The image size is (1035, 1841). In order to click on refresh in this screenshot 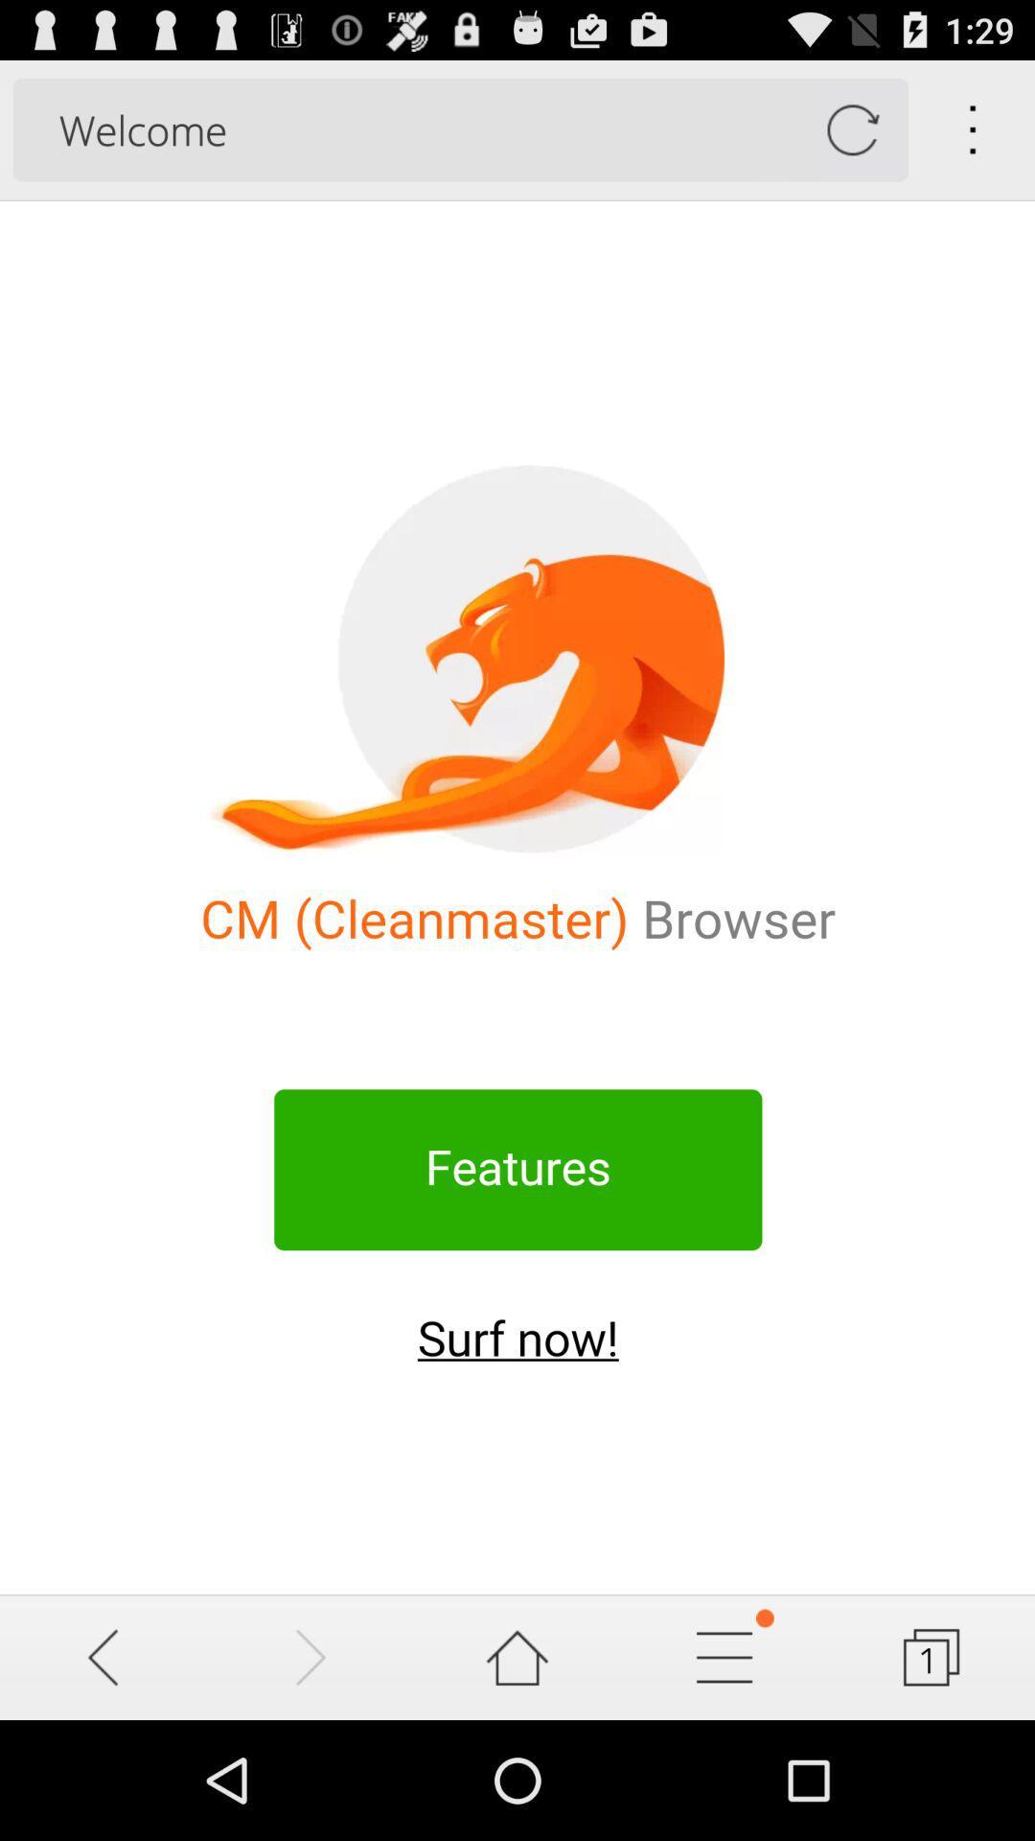, I will do `click(851, 128)`.